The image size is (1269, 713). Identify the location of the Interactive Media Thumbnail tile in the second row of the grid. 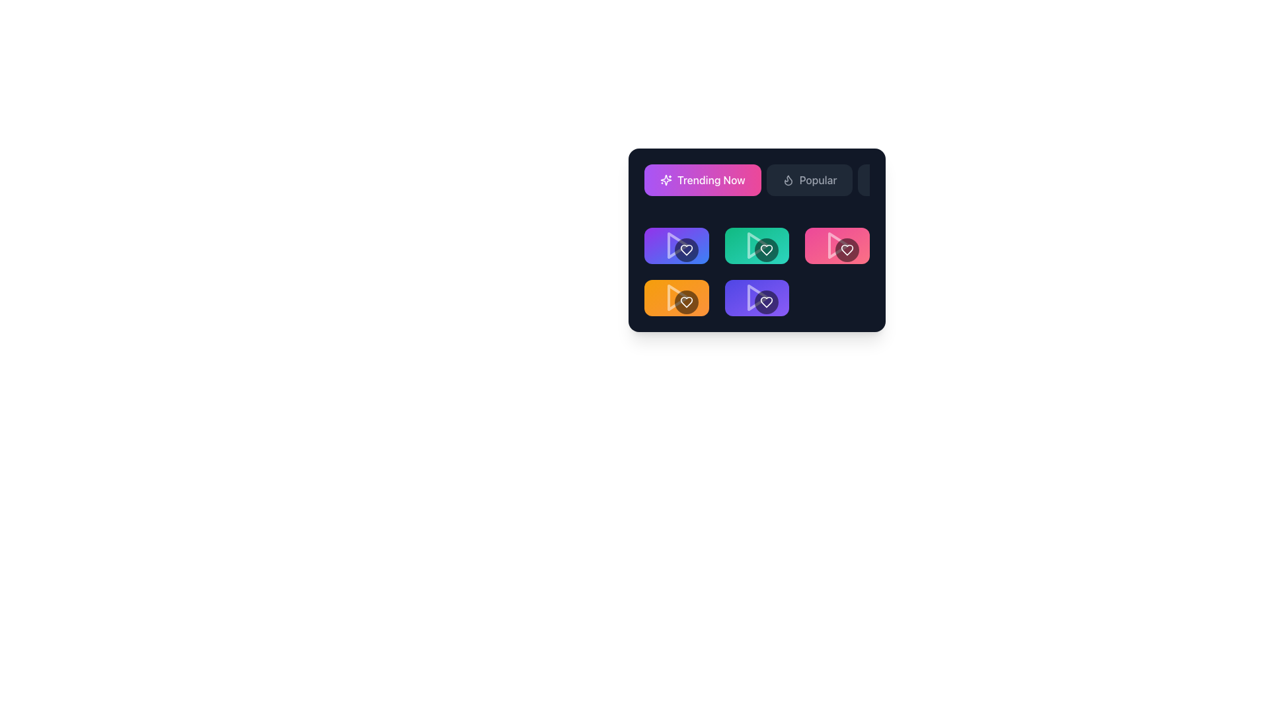
(757, 246).